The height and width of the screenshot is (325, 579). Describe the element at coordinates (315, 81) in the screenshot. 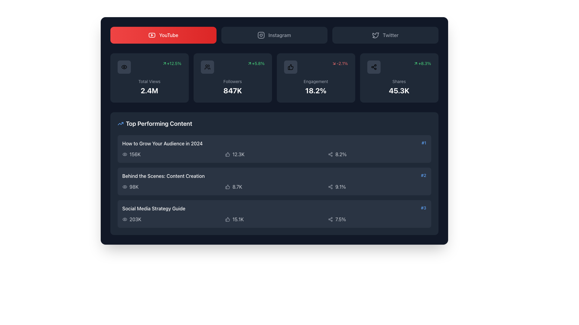

I see `the static text label indicating the 'Engagement' metric, which is centrally positioned above the value '18.2%' in the fourth metric box` at that location.